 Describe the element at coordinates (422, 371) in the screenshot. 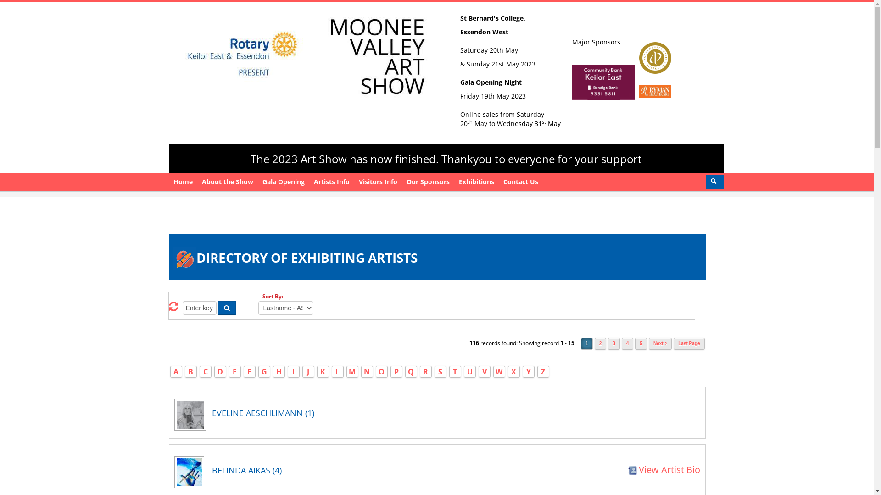

I see `'R'` at that location.